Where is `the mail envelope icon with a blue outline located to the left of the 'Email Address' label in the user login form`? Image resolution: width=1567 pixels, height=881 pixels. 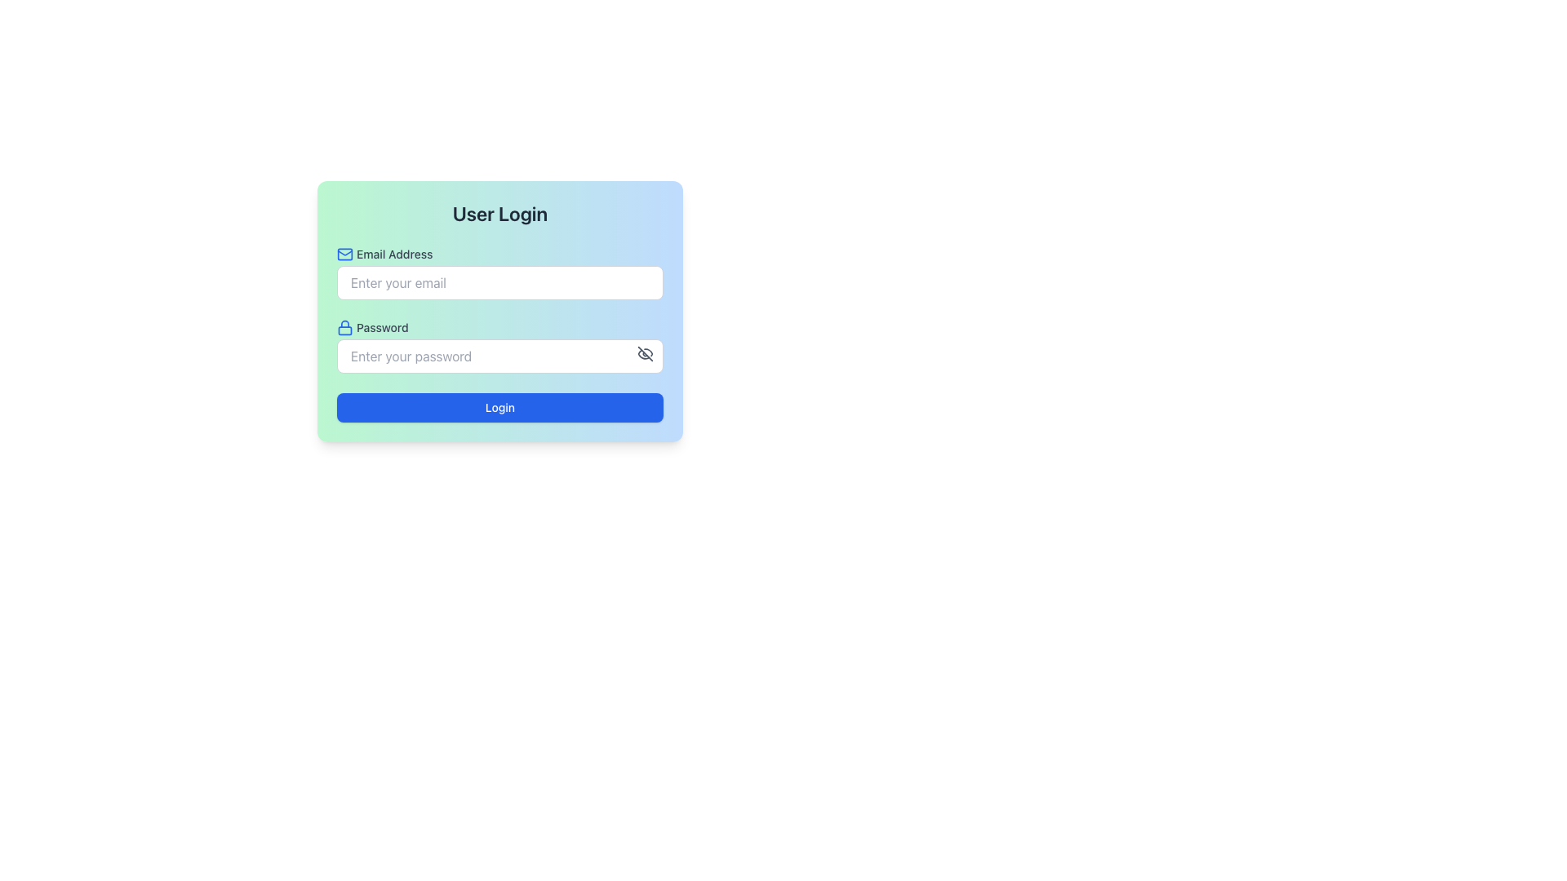
the mail envelope icon with a blue outline located to the left of the 'Email Address' label in the user login form is located at coordinates (344, 255).